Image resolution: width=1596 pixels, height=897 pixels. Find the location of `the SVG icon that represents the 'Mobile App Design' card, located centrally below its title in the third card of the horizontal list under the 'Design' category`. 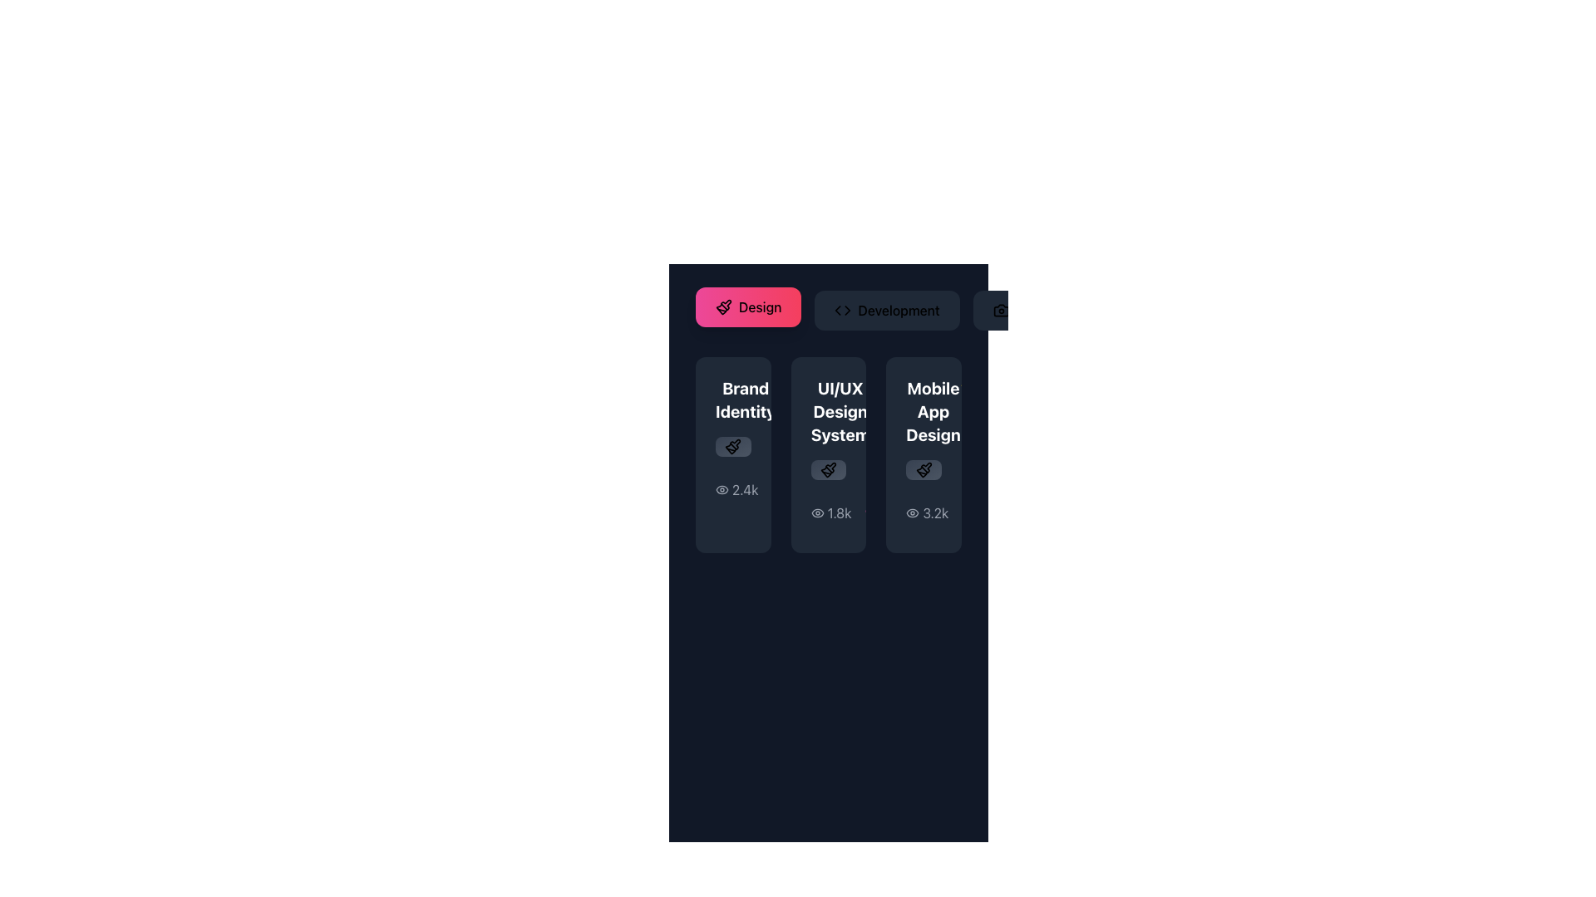

the SVG icon that represents the 'Mobile App Design' card, located centrally below its title in the third card of the horizontal list under the 'Design' category is located at coordinates (923, 470).